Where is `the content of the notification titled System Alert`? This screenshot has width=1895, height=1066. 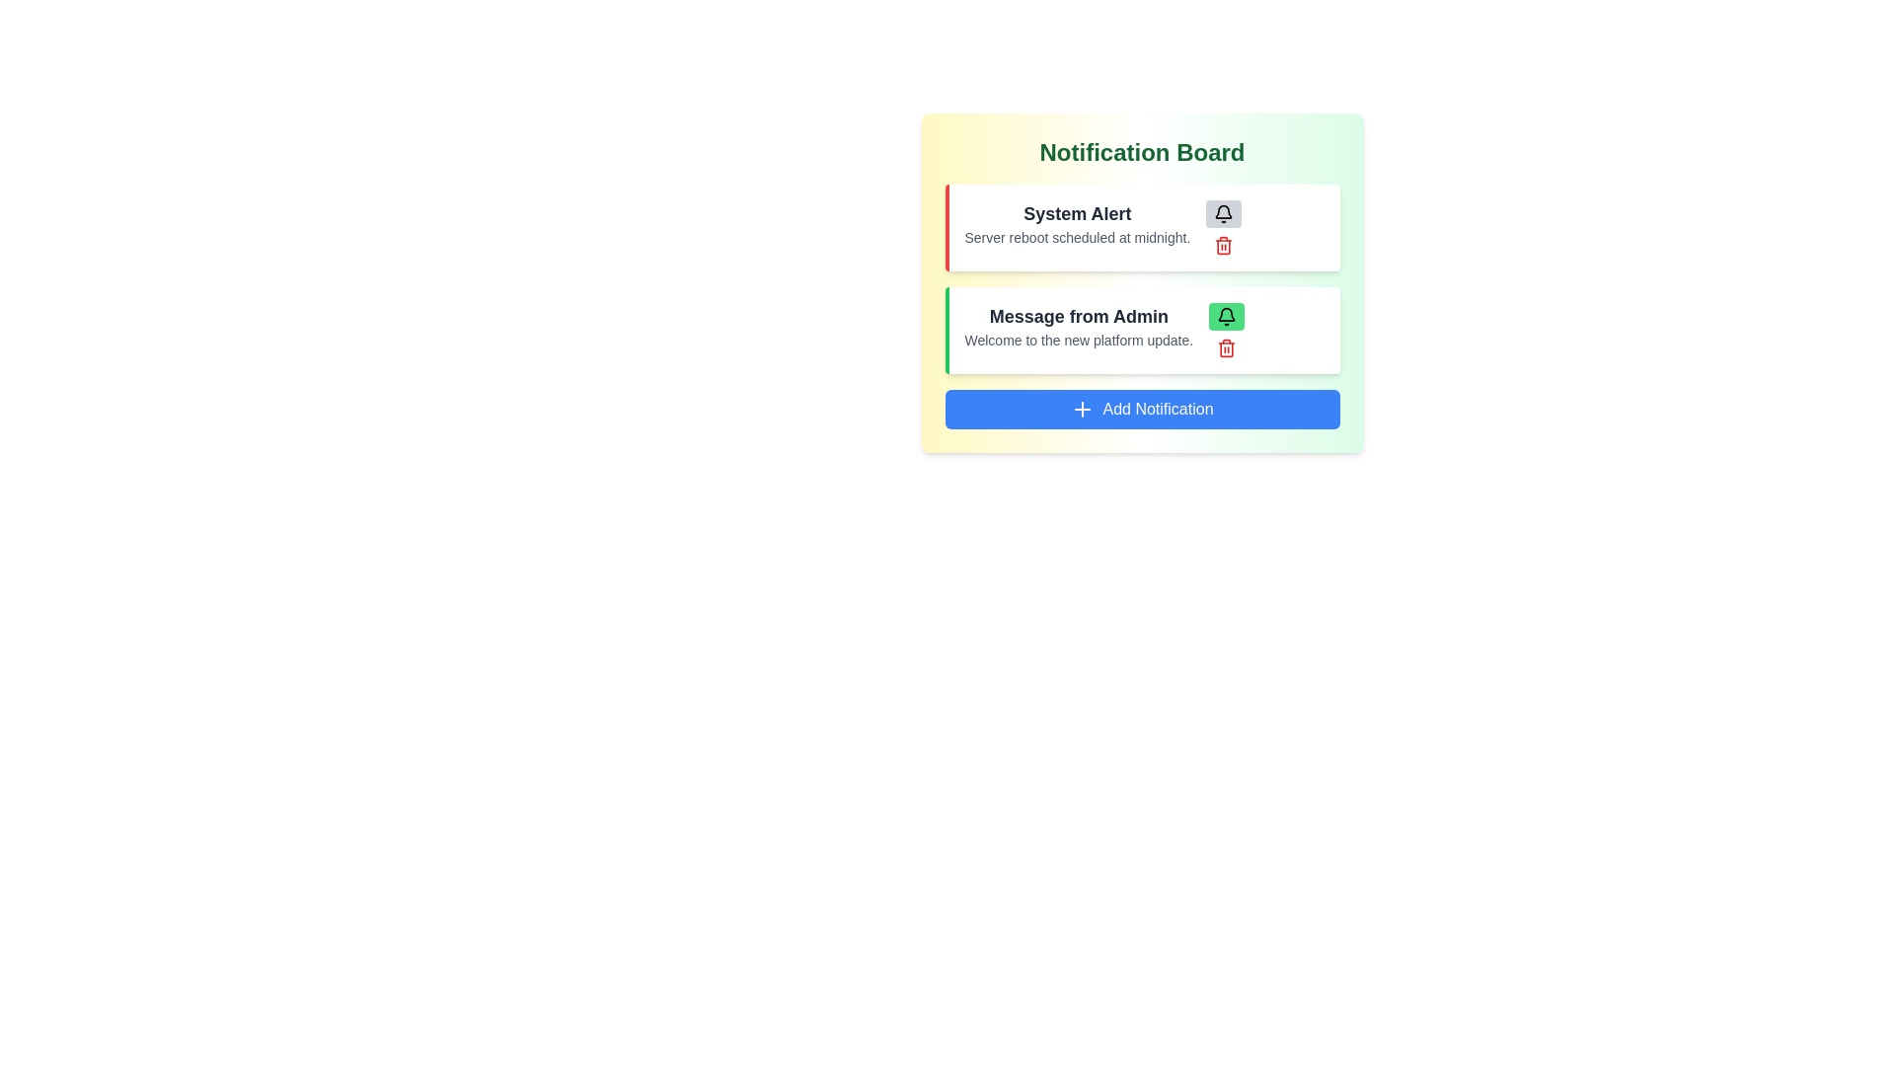 the content of the notification titled System Alert is located at coordinates (1076, 213).